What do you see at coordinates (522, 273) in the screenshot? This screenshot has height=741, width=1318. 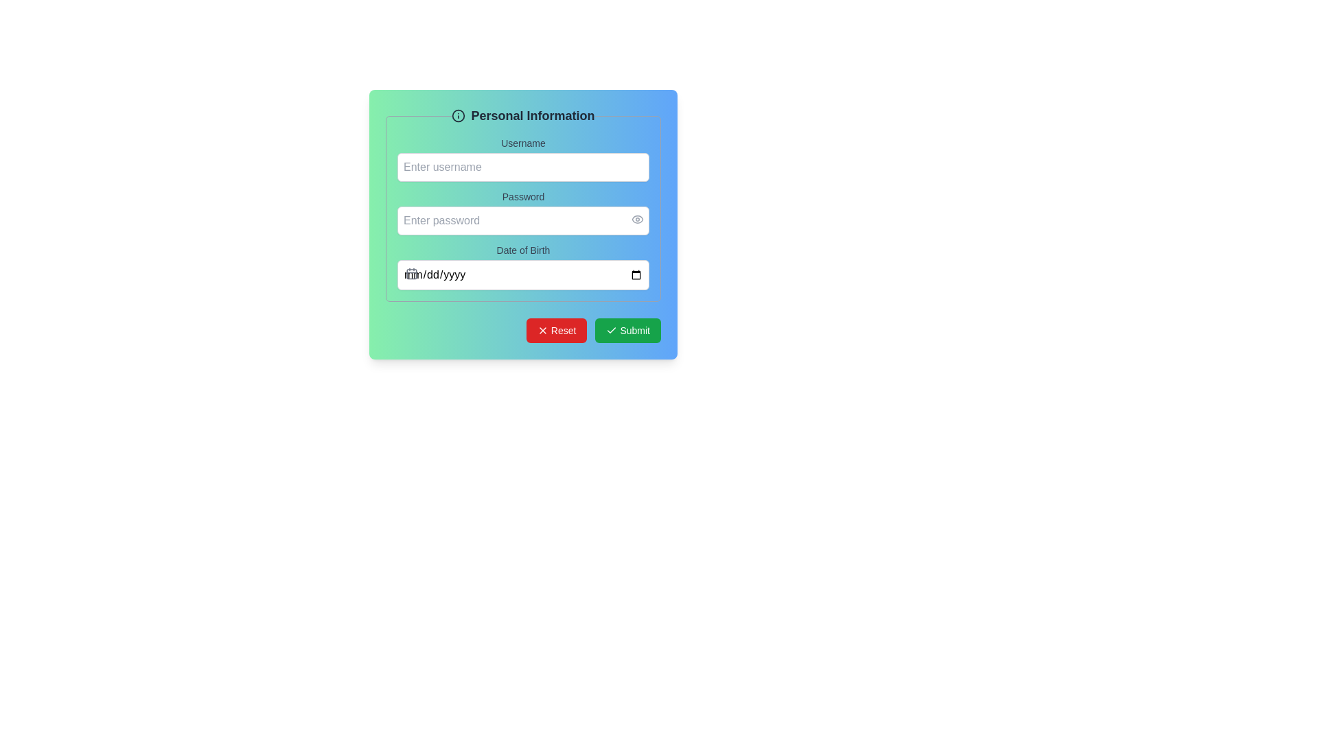 I see `the Date picker input field for 'Date of Birth' to trigger highlighting or tooltip display` at bounding box center [522, 273].